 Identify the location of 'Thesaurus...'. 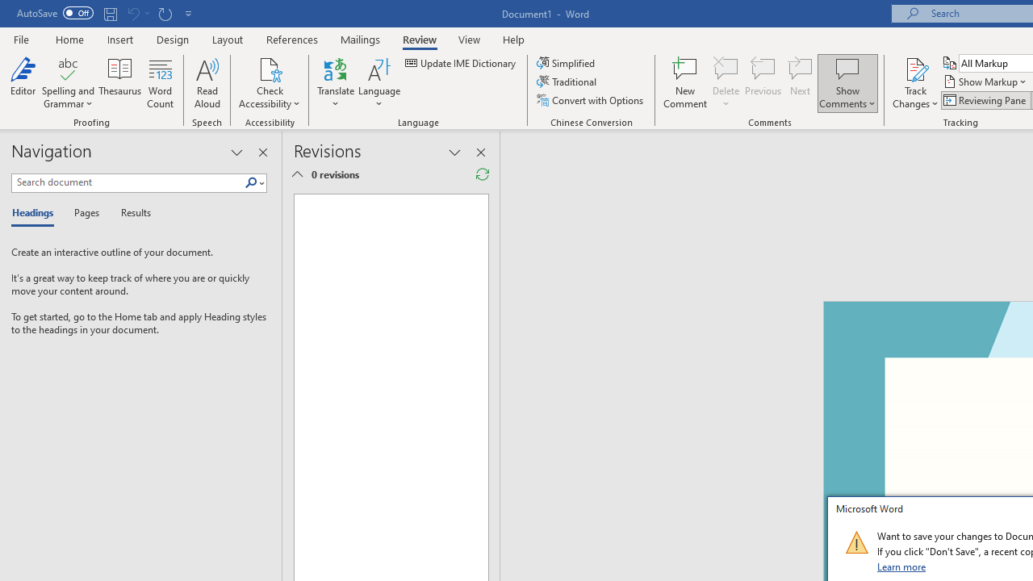
(119, 83).